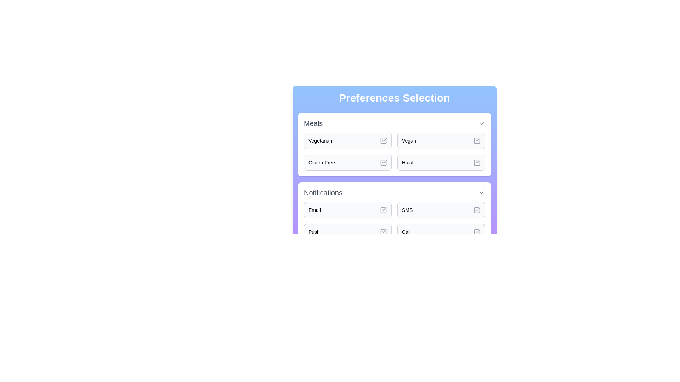 The height and width of the screenshot is (382, 680). Describe the element at coordinates (383, 140) in the screenshot. I see `the Checkbox icon representing the 'Vegetarian' option under the 'Meals' preferences` at that location.